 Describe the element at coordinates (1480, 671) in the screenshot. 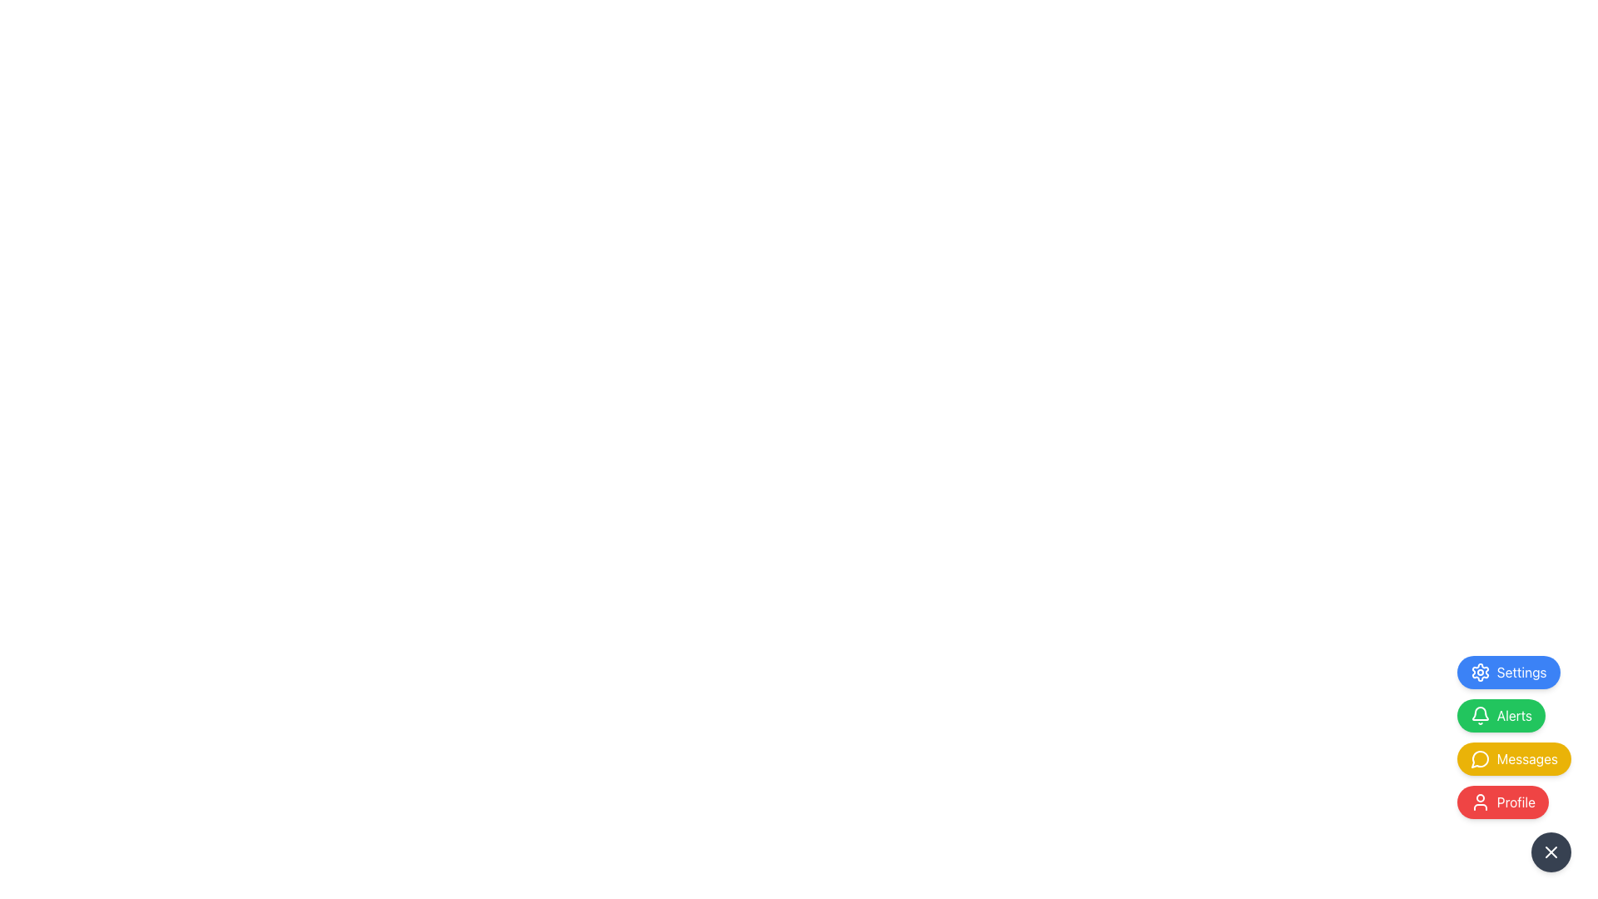

I see `the settings gear icon located at the bottom-right corner of the interface` at that location.